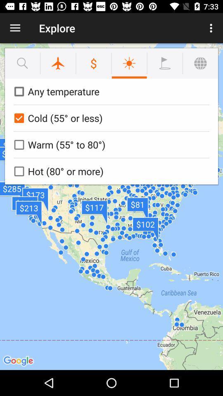 This screenshot has height=396, width=223. What do you see at coordinates (110, 144) in the screenshot?
I see `warm 55 to item` at bounding box center [110, 144].